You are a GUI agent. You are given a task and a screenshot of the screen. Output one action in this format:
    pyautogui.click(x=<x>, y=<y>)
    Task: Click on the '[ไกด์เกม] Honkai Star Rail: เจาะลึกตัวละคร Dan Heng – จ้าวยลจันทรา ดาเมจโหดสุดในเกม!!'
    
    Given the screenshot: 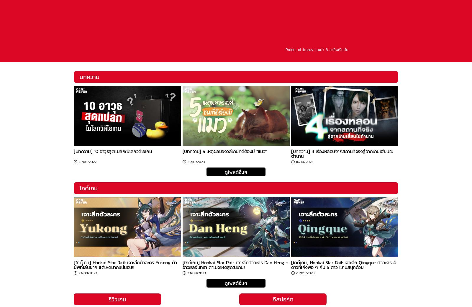 What is the action you would take?
    pyautogui.click(x=235, y=264)
    